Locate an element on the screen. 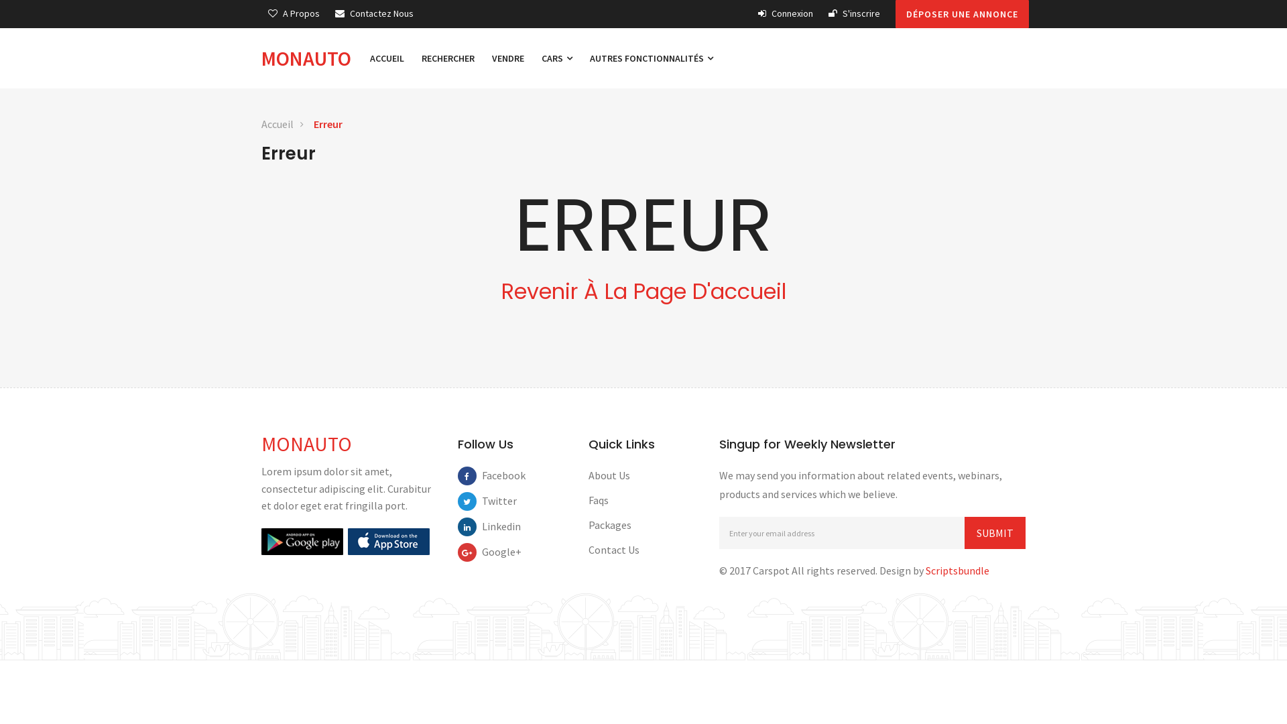  'Connexion' is located at coordinates (785, 13).